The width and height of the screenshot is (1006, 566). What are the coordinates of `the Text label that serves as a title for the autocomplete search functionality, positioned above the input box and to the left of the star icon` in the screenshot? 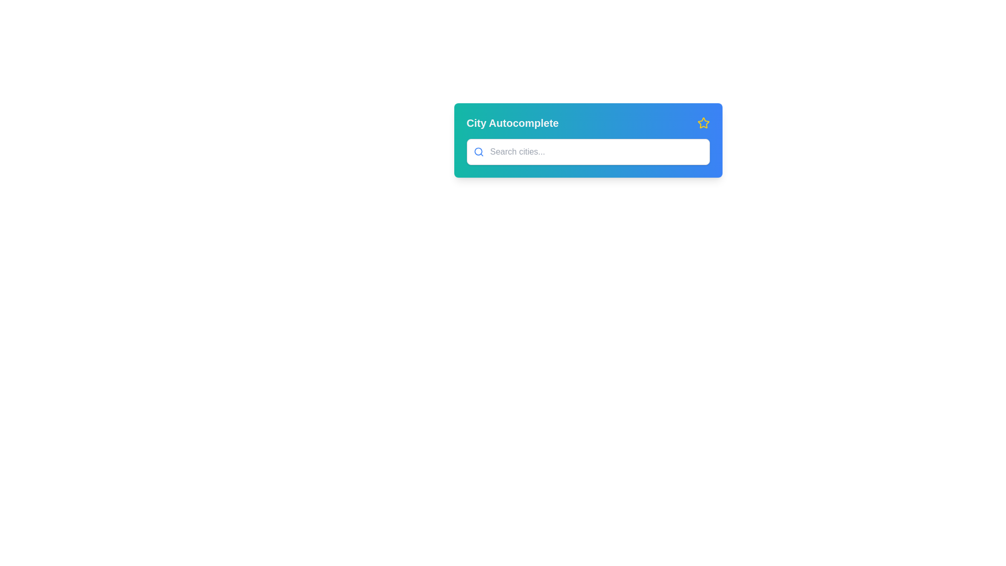 It's located at (512, 123).